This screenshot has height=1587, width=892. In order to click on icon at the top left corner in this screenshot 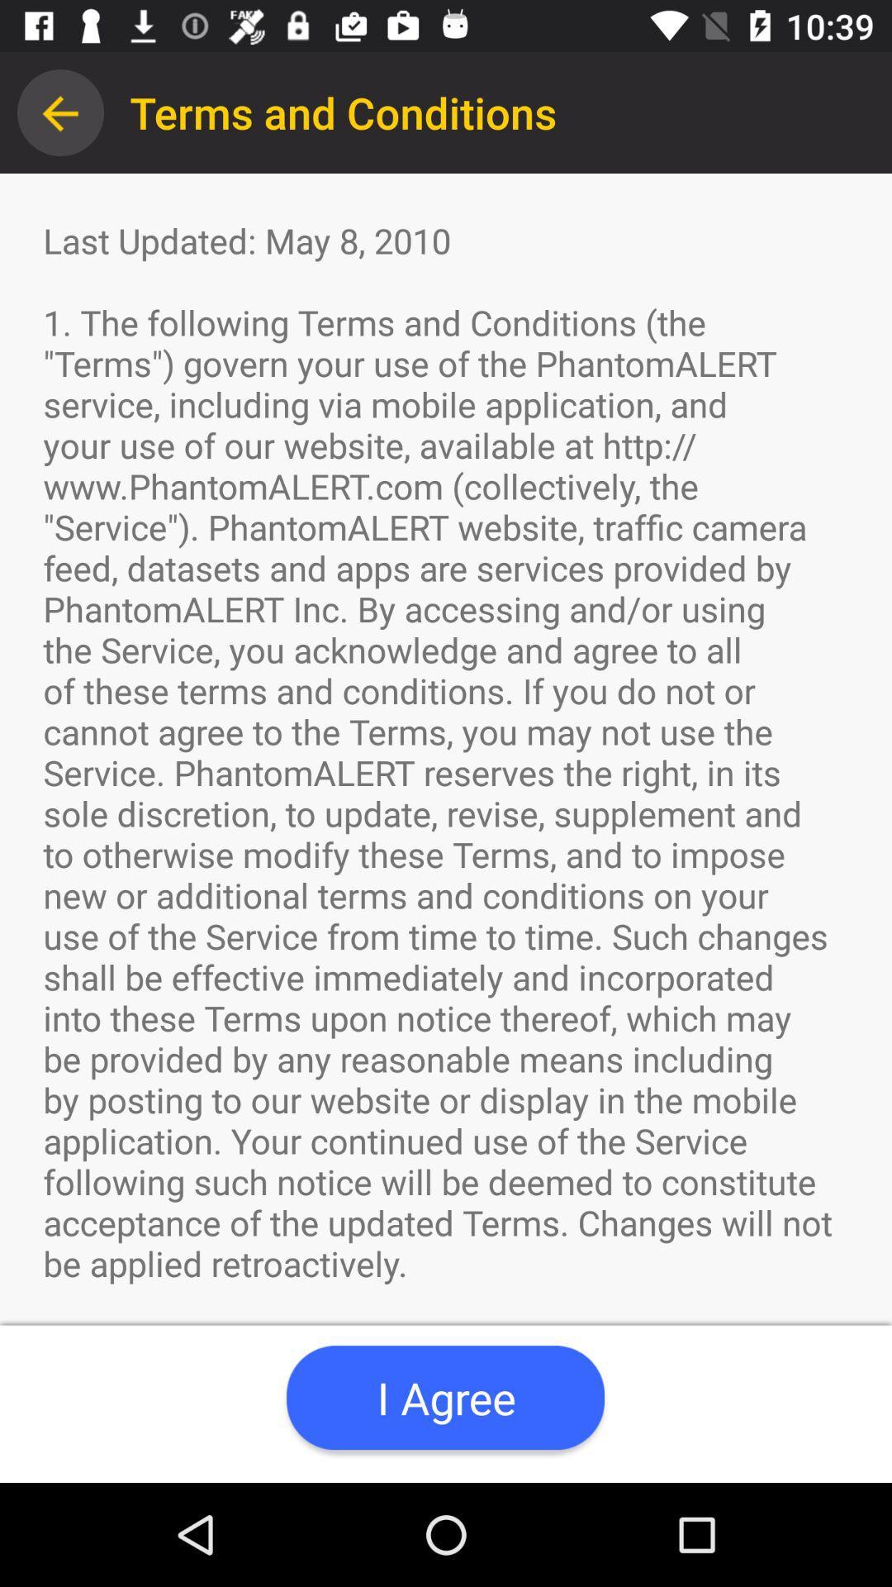, I will do `click(59, 112)`.